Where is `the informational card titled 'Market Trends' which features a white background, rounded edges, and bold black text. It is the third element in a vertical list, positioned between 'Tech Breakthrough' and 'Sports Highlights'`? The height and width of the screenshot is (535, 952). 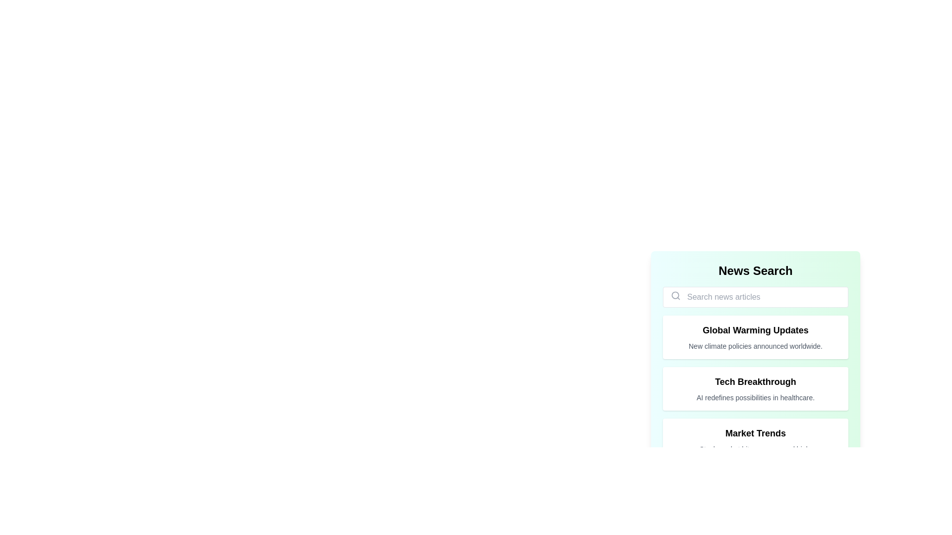
the informational card titled 'Market Trends' which features a white background, rounded edges, and bold black text. It is the third element in a vertical list, positioned between 'Tech Breakthrough' and 'Sports Highlights' is located at coordinates (755, 439).